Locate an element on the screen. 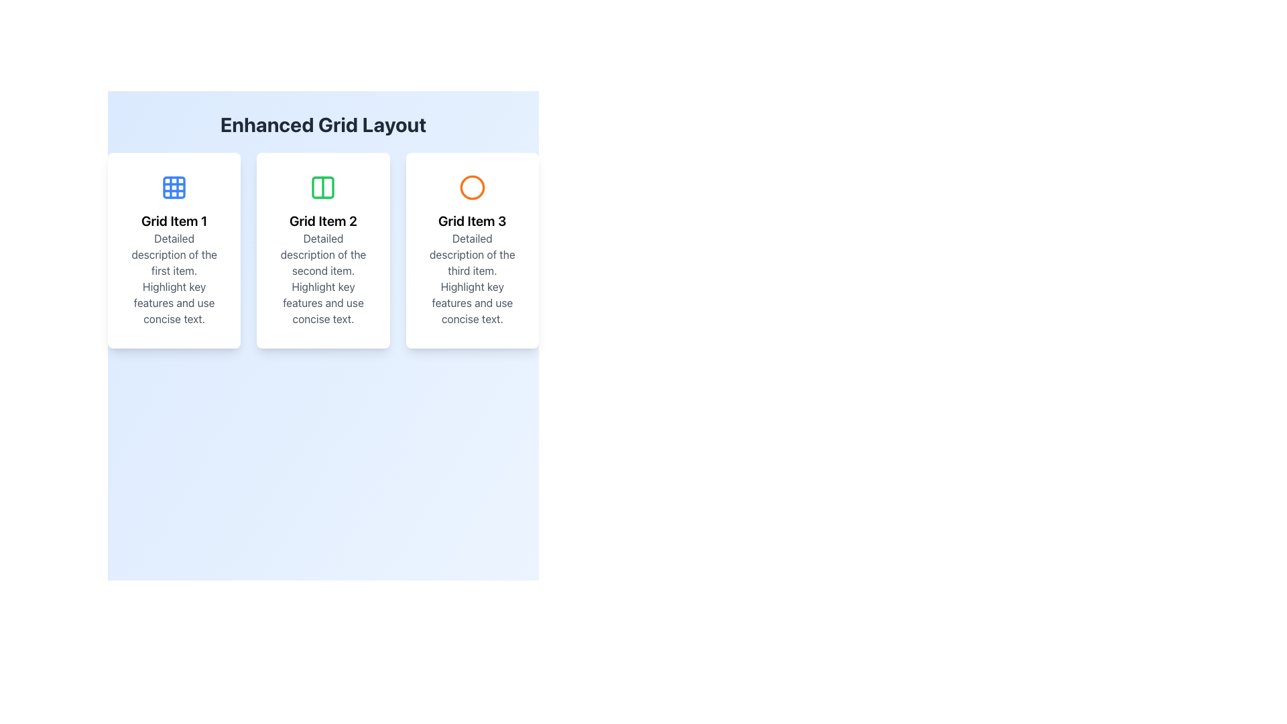 This screenshot has height=724, width=1287. the text block located within the card titled 'Grid Item 3' is located at coordinates (472, 278).